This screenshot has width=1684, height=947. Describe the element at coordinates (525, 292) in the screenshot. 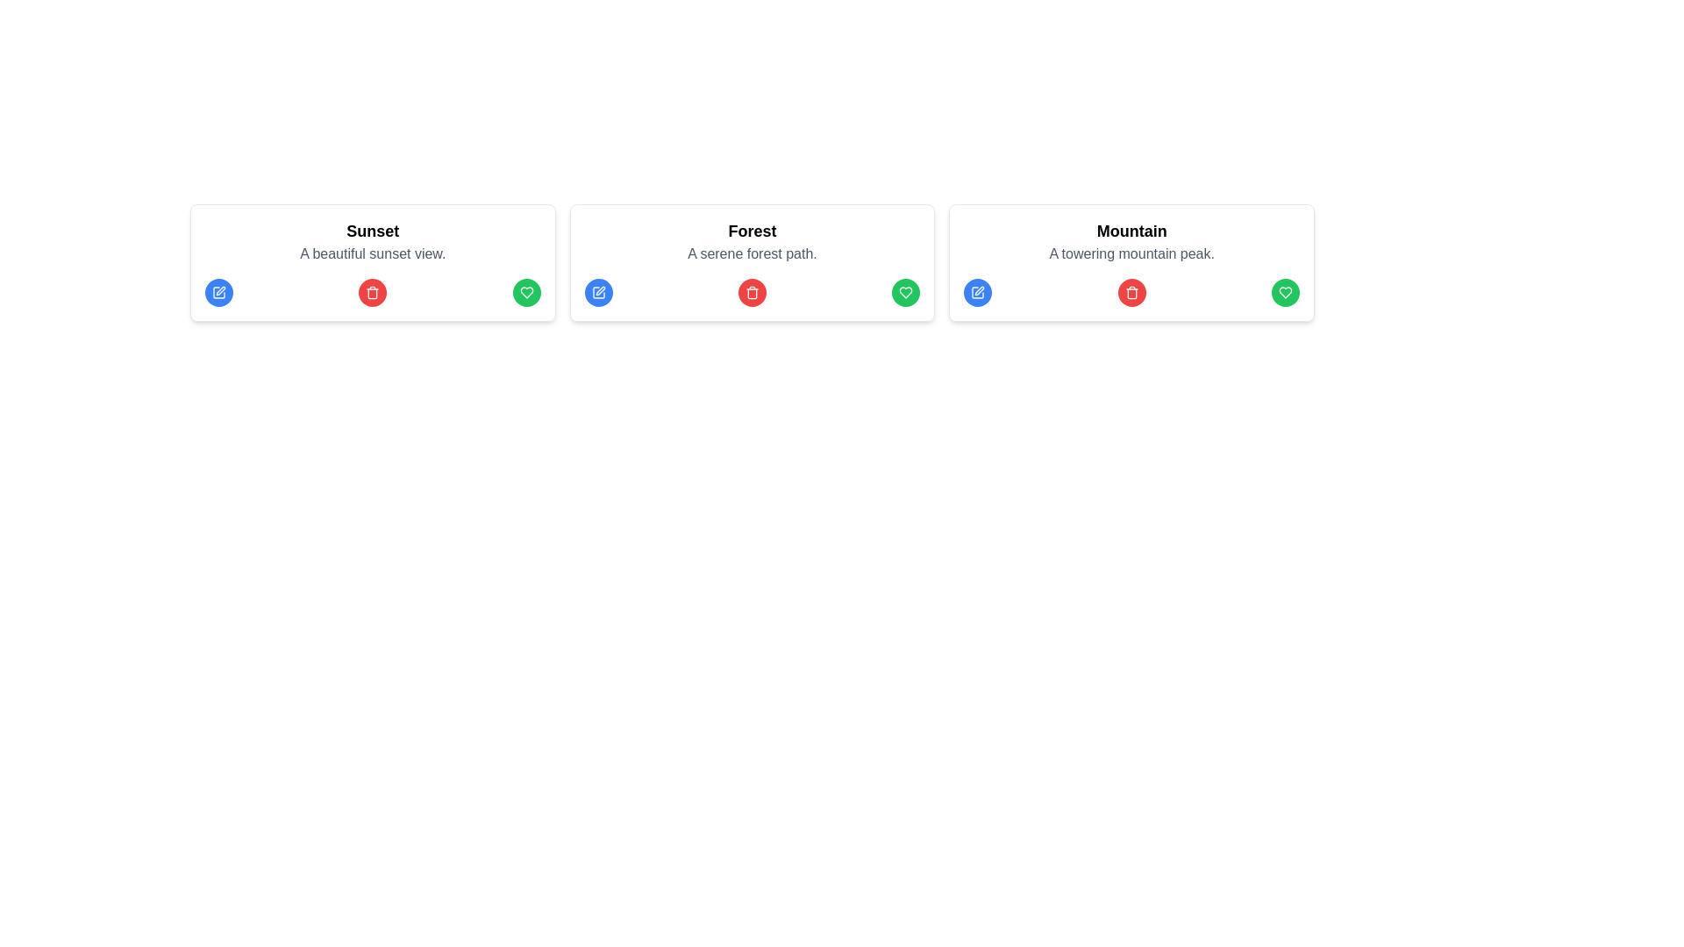

I see `the circular green button with a white heart icon, which is the last button in the 'Sunset' card group` at that location.